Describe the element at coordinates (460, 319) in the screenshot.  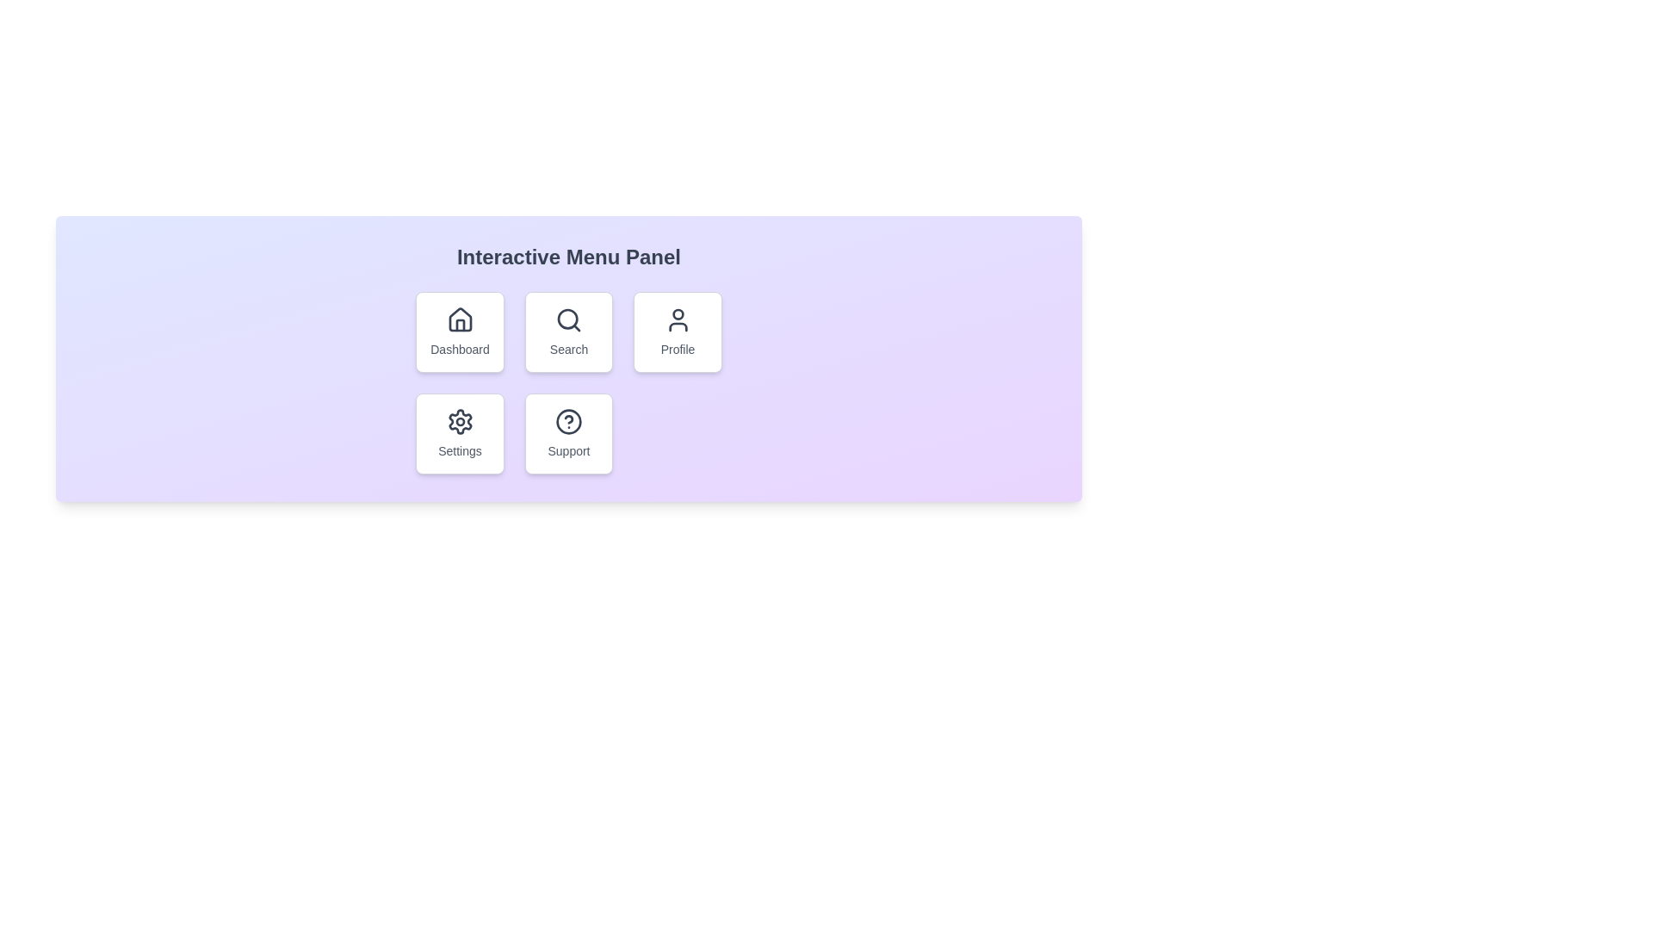
I see `the home icon, which is a stylized outline of a house located in the top-left section of a grid containing six icons within a card` at that location.